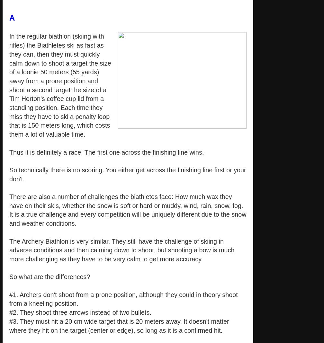 The image size is (324, 343). Describe the element at coordinates (127, 174) in the screenshot. I see `'So technically there is no scoring. You either get across the finishing line first or your don't.'` at that location.